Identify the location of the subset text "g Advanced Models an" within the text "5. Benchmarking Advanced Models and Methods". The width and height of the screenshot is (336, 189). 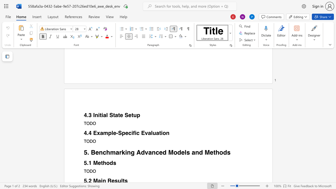
(131, 152).